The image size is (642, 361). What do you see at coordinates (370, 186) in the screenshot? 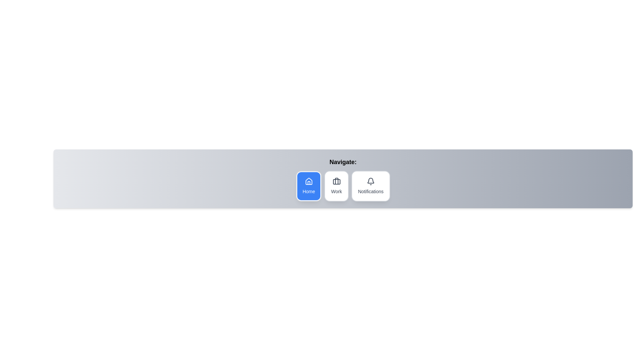
I see `the icon corresponding to Notifications` at bounding box center [370, 186].